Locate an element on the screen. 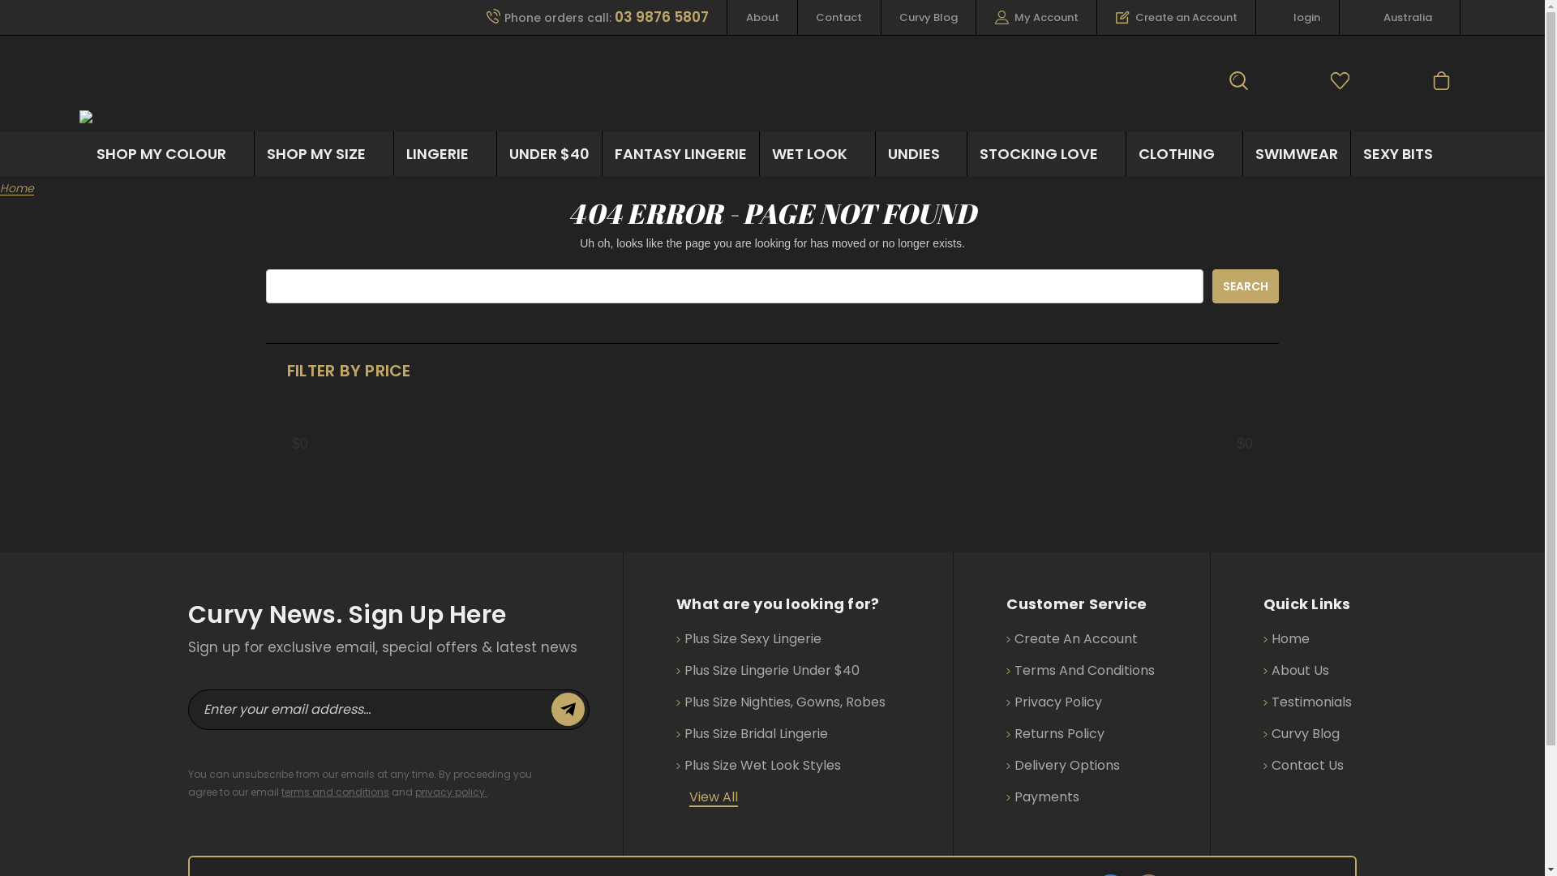 This screenshot has width=1557, height=876. 'SHOP MY SIZE' is located at coordinates (324, 153).